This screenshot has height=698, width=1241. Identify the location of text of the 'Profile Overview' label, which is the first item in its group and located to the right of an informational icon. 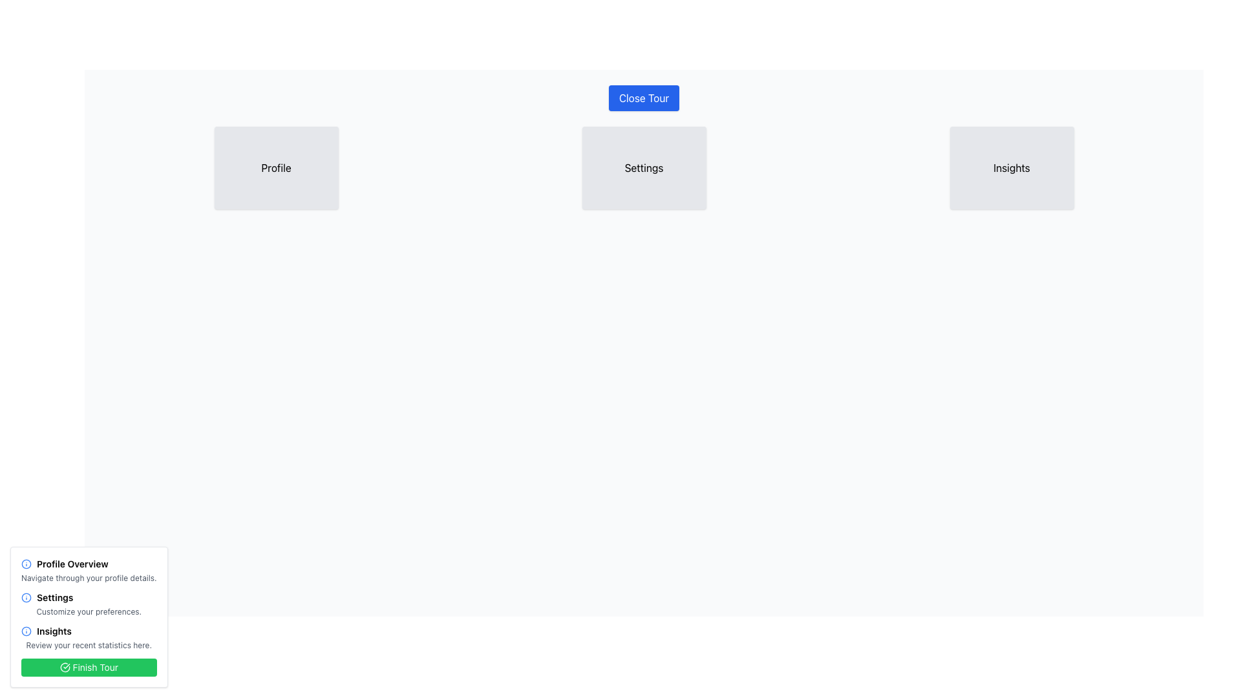
(72, 563).